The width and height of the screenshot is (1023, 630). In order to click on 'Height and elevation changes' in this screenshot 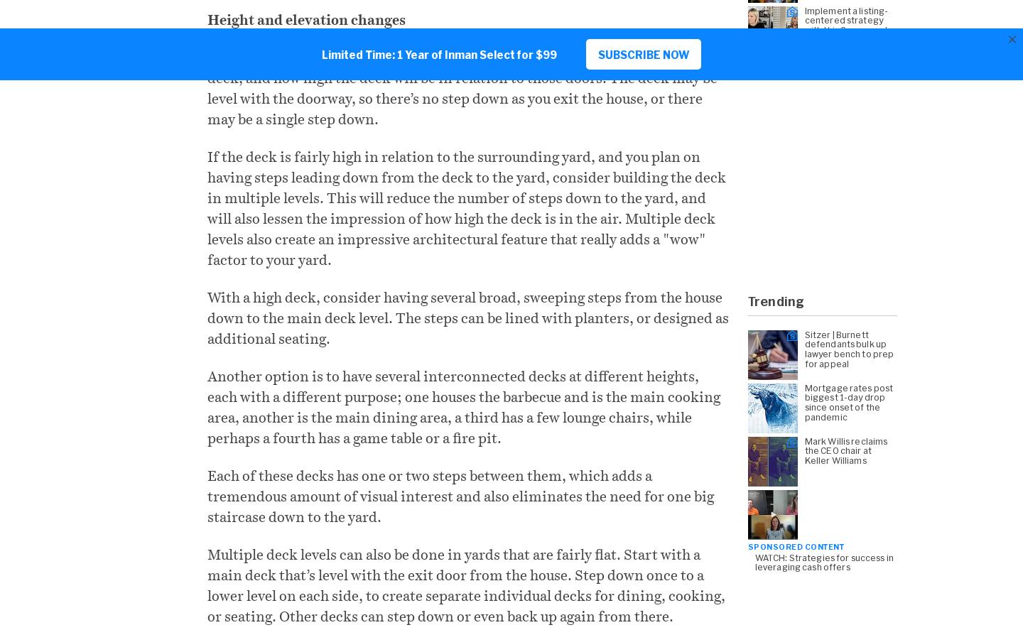, I will do `click(306, 20)`.